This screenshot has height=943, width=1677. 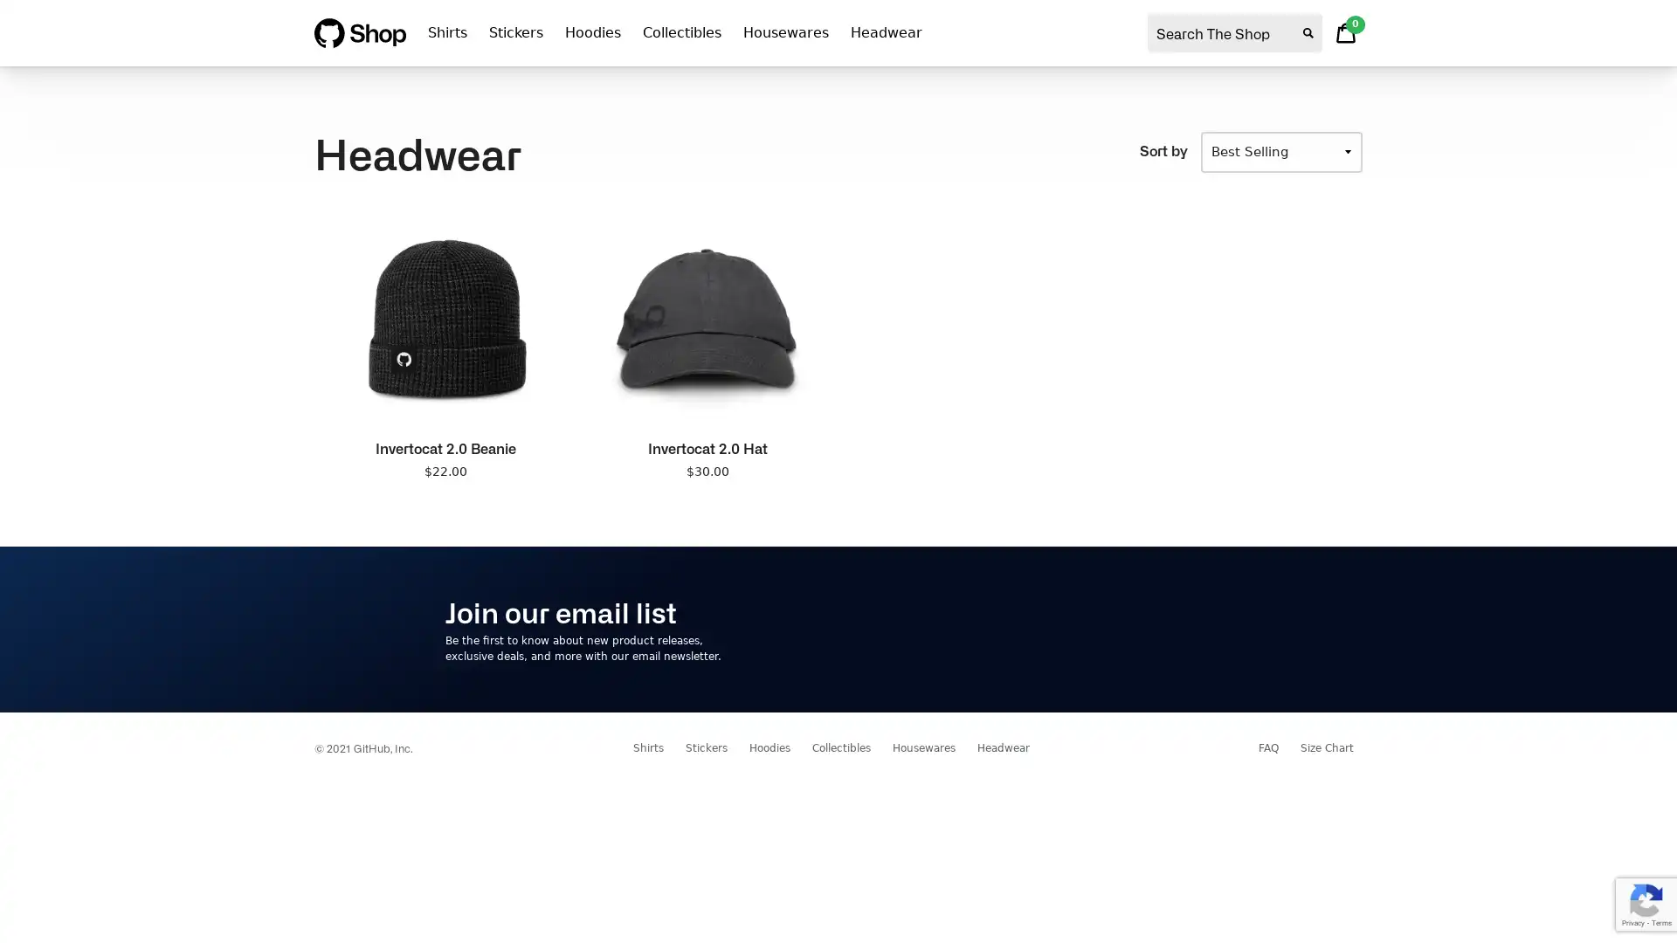 What do you see at coordinates (1178, 629) in the screenshot?
I see `Subscribe` at bounding box center [1178, 629].